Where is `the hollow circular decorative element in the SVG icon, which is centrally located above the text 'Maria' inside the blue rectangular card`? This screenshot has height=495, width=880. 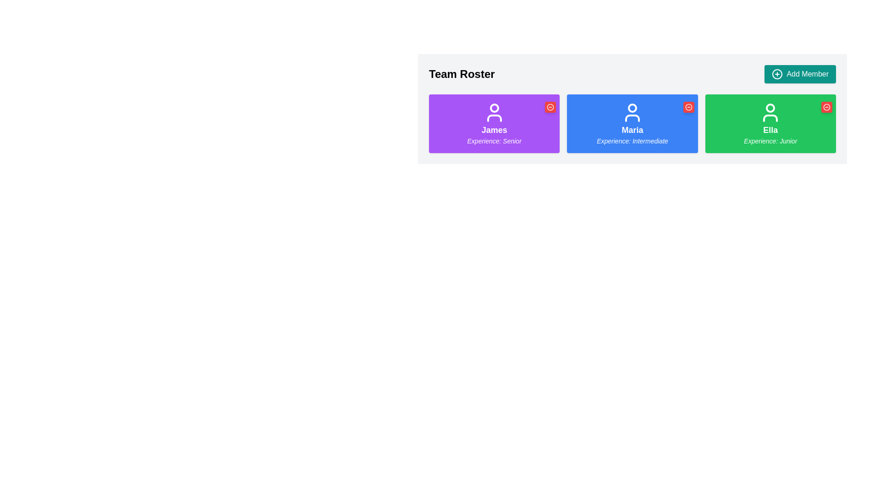
the hollow circular decorative element in the SVG icon, which is centrally located above the text 'Maria' inside the blue rectangular card is located at coordinates (632, 107).